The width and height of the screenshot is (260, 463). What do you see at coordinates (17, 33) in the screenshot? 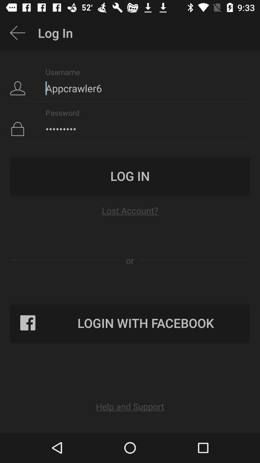
I see `go back` at bounding box center [17, 33].